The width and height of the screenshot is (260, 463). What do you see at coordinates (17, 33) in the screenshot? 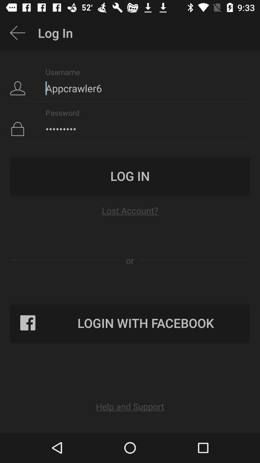
I see `go back` at bounding box center [17, 33].